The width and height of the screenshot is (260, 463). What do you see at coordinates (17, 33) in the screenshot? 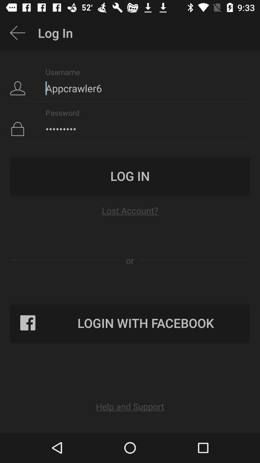
I see `go back` at bounding box center [17, 33].